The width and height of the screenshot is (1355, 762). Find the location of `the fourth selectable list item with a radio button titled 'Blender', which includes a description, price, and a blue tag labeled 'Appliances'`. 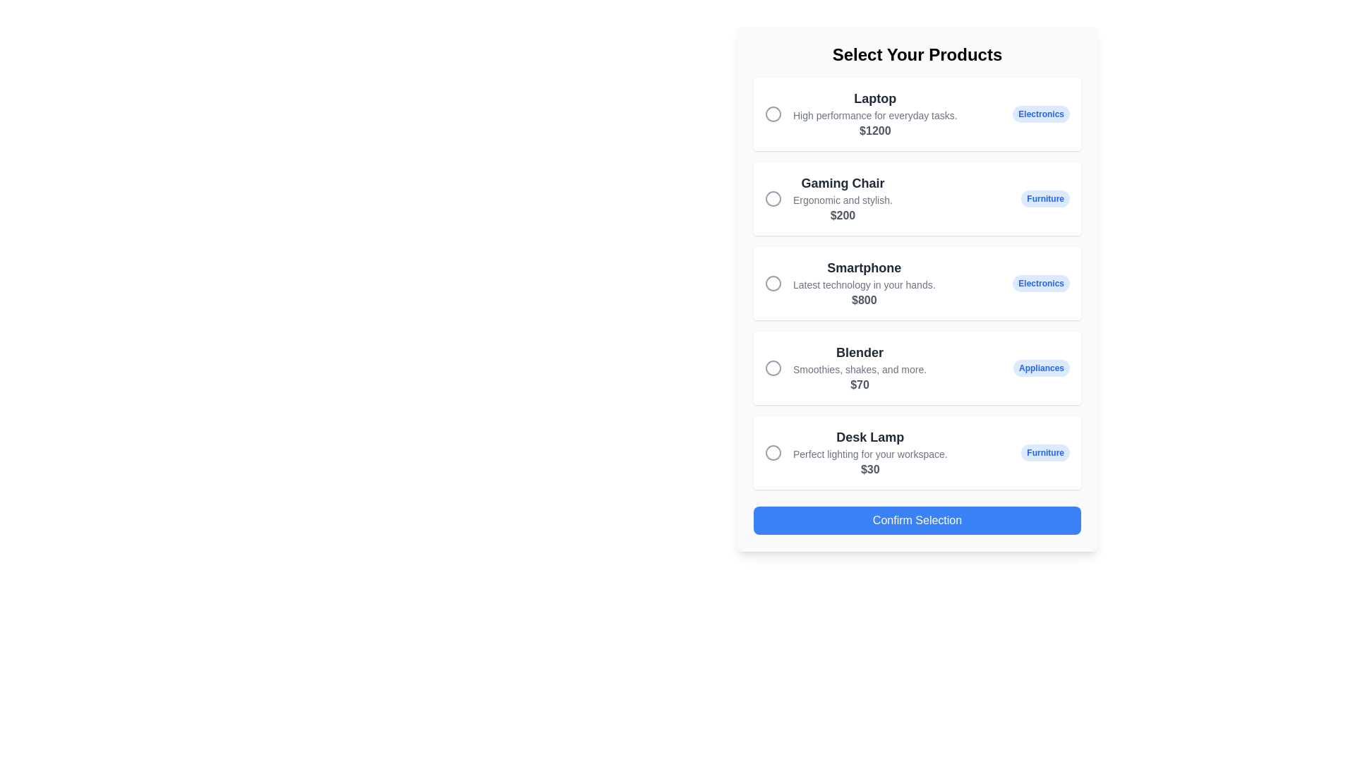

the fourth selectable list item with a radio button titled 'Blender', which includes a description, price, and a blue tag labeled 'Appliances' is located at coordinates (917, 367).